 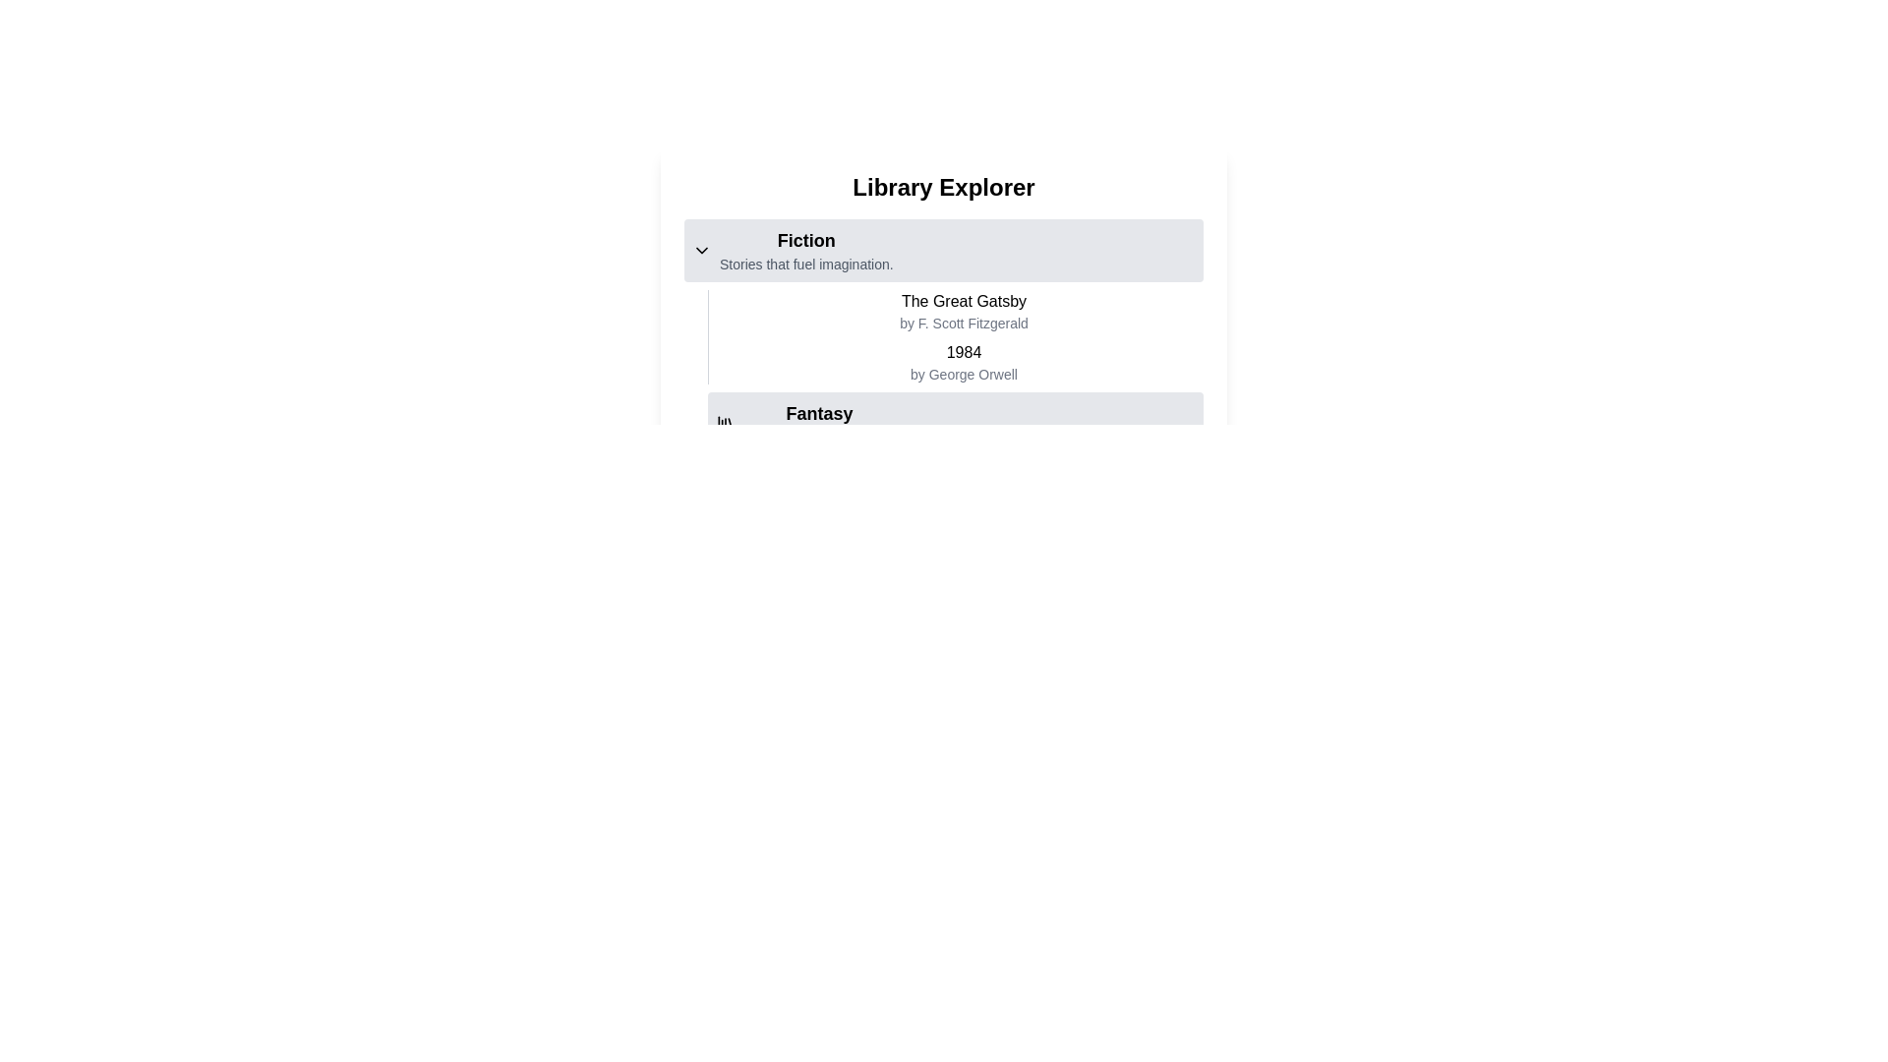 I want to click on the text block that displays information about two books in the 'Fiction' category, located centrally under the 'Fiction' section header, so click(x=955, y=336).